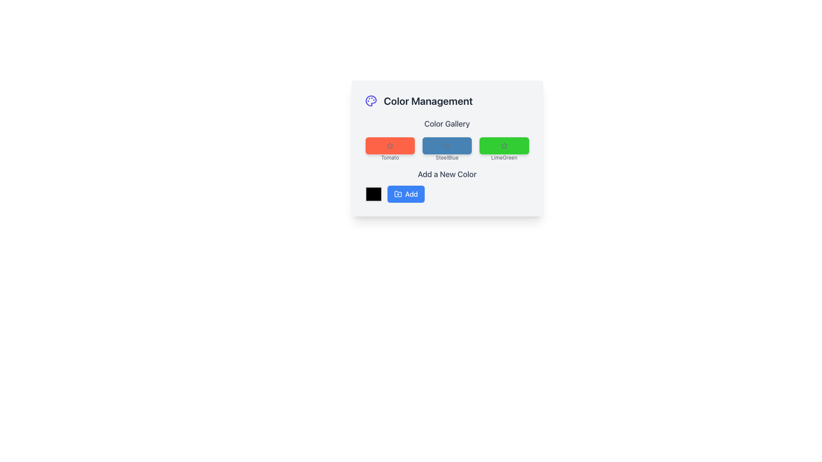 The width and height of the screenshot is (822, 462). I want to click on a color from the color picker located in the 'Add a New Color' section, which is the first component of the horizontally aligned group containing the blue 'Add' button, so click(447, 194).